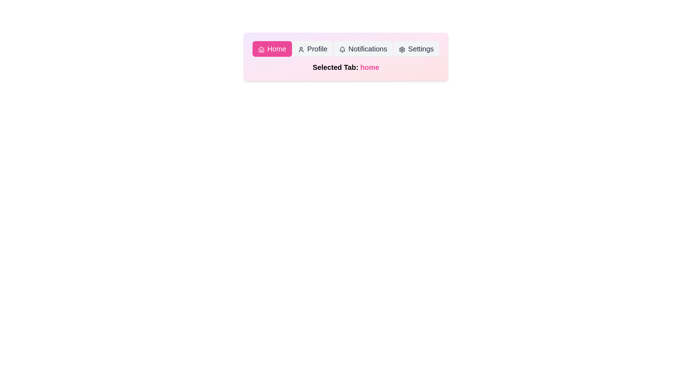  What do you see at coordinates (402, 49) in the screenshot?
I see `the gear icon representing the settings option` at bounding box center [402, 49].